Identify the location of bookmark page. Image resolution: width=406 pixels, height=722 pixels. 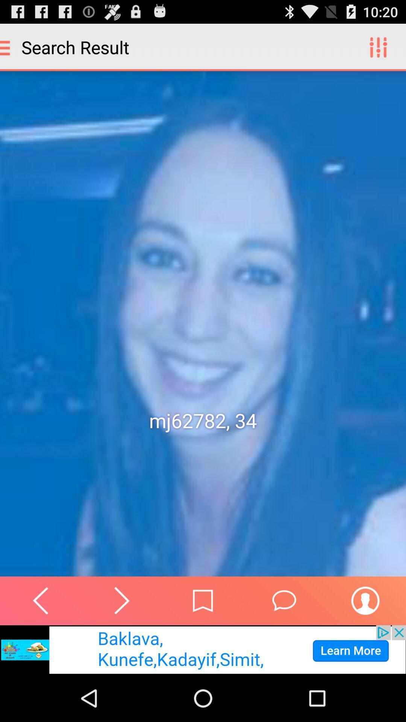
(203, 600).